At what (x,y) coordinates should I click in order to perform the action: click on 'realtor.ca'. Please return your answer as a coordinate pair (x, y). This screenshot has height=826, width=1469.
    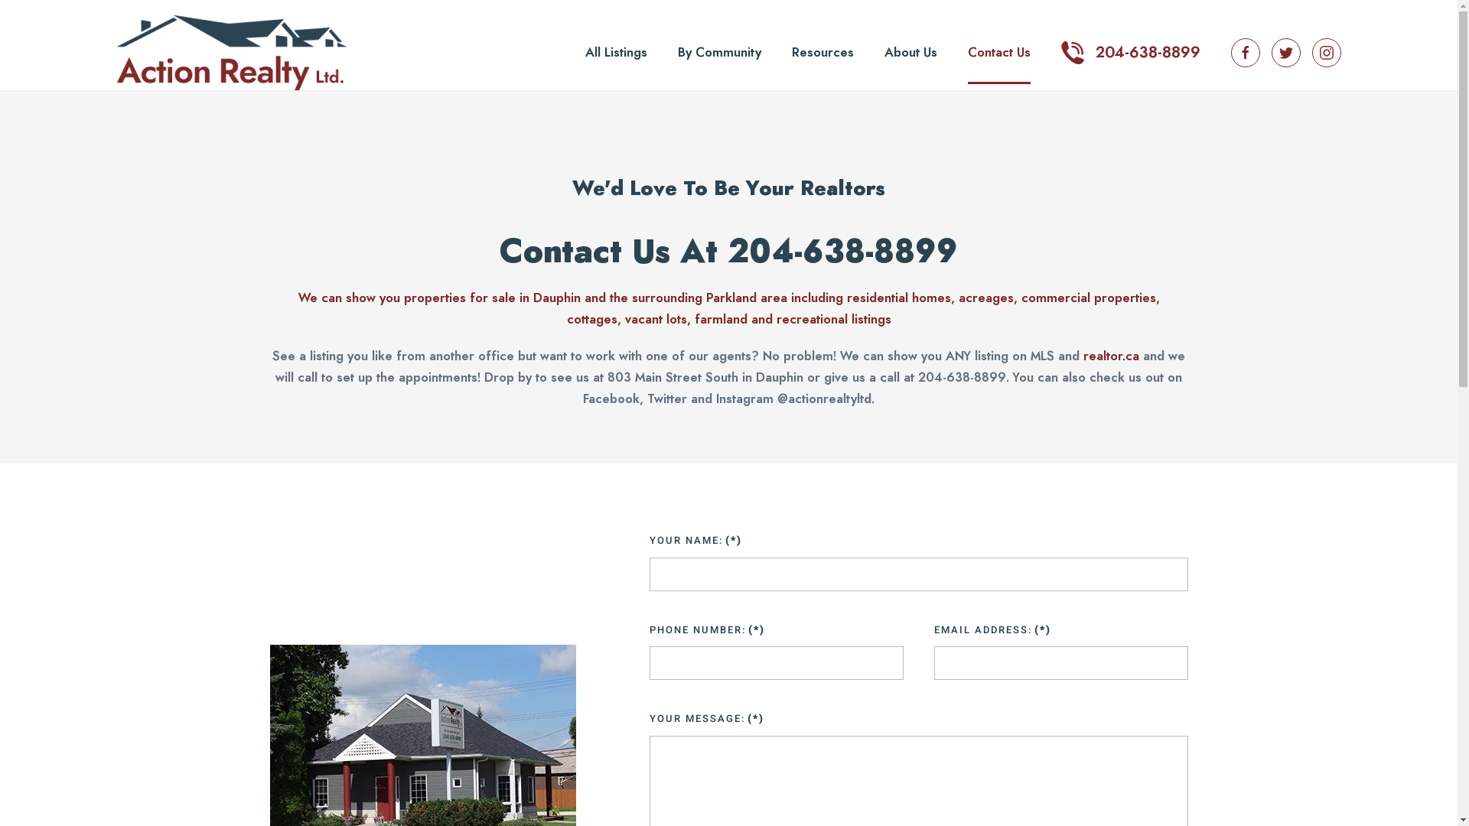
    Looking at the image, I should click on (1083, 356).